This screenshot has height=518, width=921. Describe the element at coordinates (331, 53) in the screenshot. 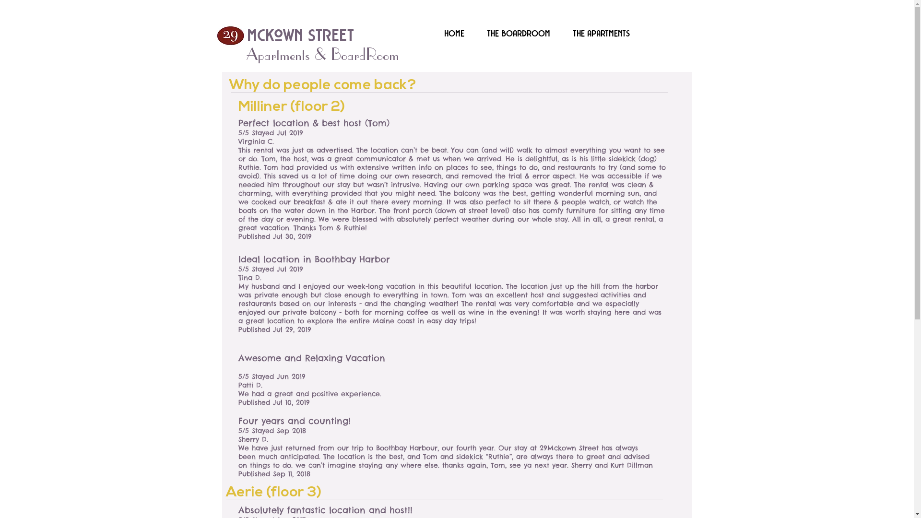

I see `'BoardRoom'` at that location.